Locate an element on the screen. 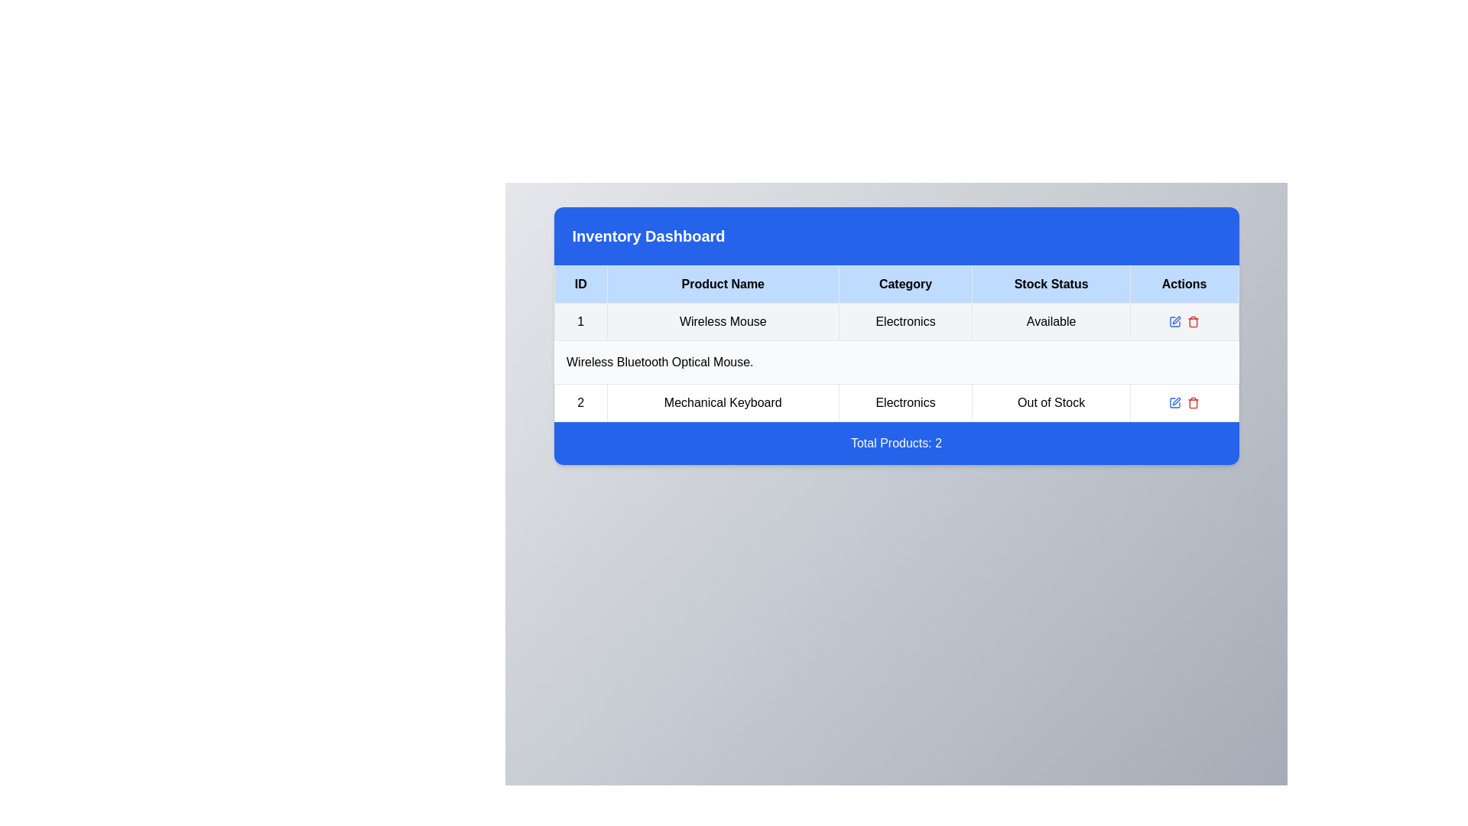  the text label 'Electronics' in the third cell of the first row of the 'Category' column within the product table is located at coordinates (905, 320).